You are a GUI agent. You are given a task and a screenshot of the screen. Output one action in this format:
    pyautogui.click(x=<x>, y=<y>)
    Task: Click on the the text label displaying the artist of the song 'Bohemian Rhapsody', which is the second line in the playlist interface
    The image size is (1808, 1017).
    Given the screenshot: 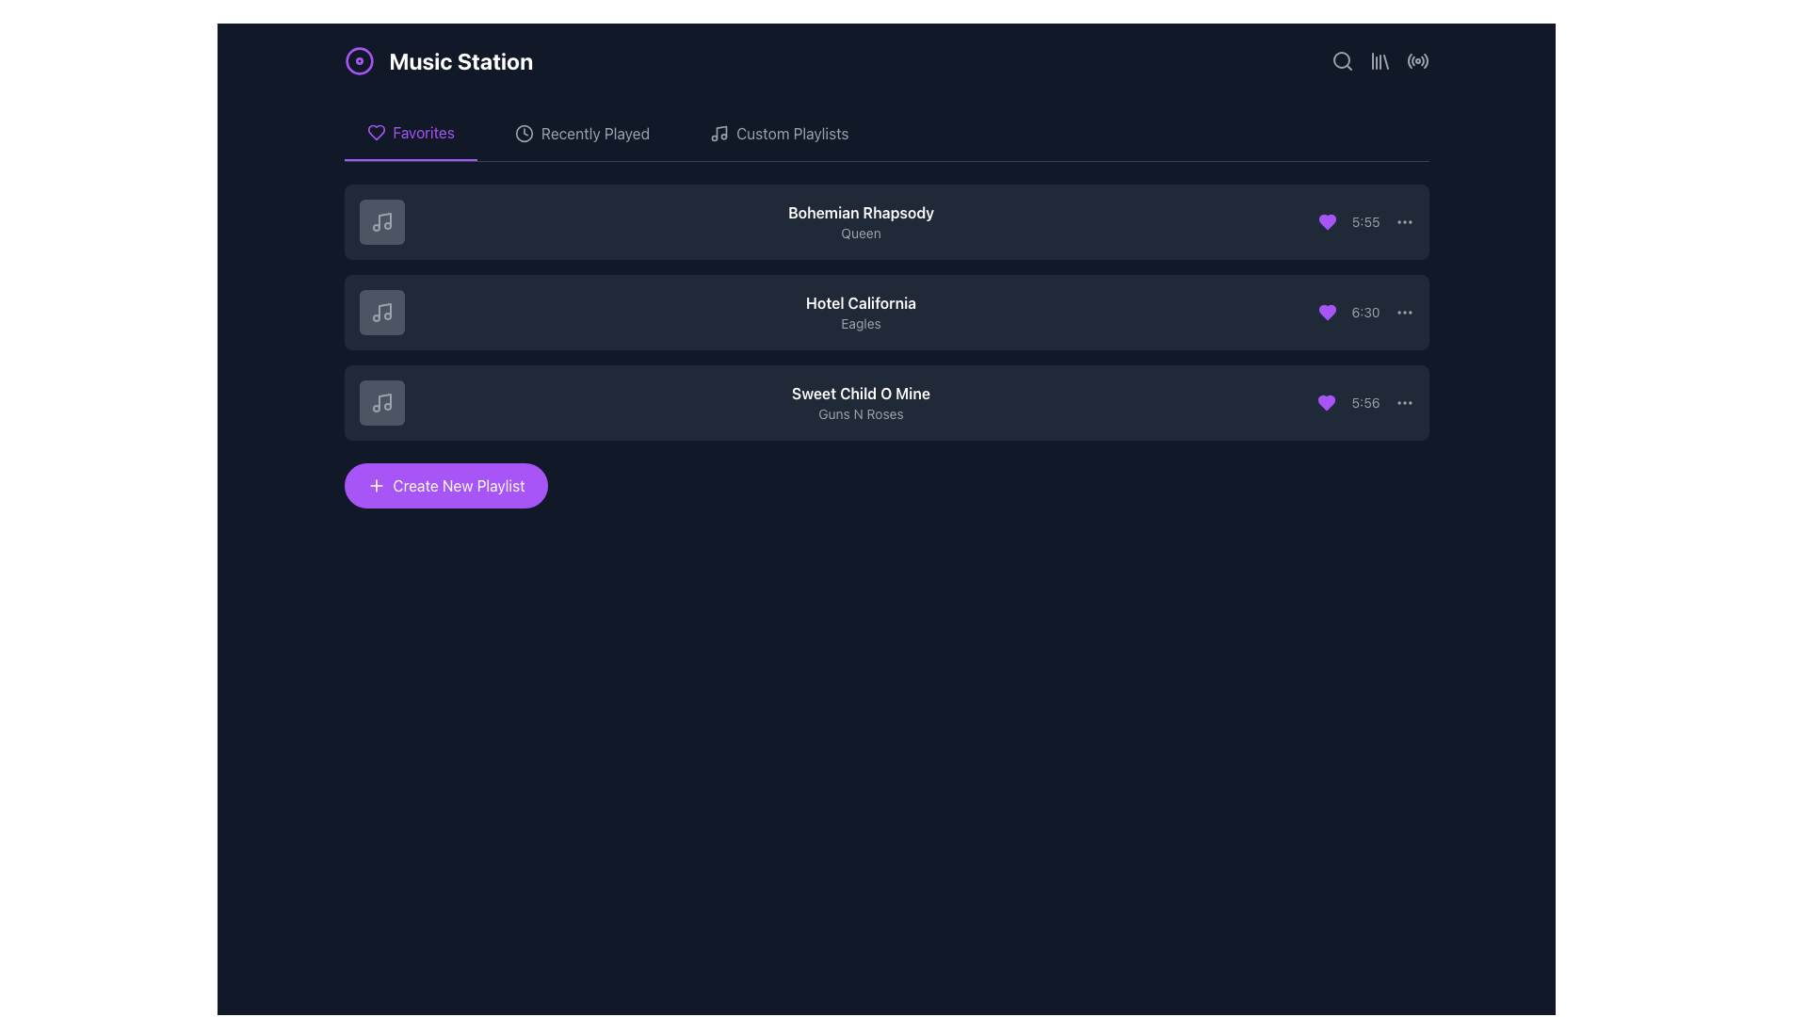 What is the action you would take?
    pyautogui.click(x=860, y=232)
    